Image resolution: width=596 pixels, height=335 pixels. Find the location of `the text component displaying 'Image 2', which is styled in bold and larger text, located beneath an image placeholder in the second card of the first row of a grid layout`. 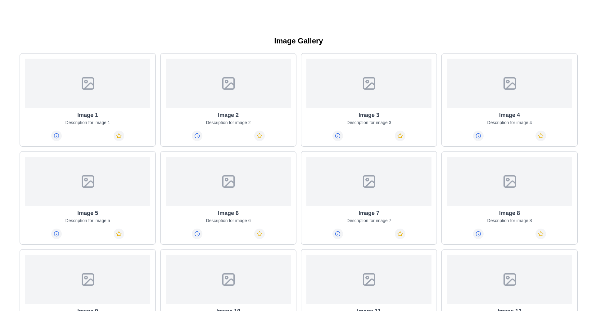

the text component displaying 'Image 2', which is styled in bold and larger text, located beneath an image placeholder in the second card of the first row of a grid layout is located at coordinates (228, 115).